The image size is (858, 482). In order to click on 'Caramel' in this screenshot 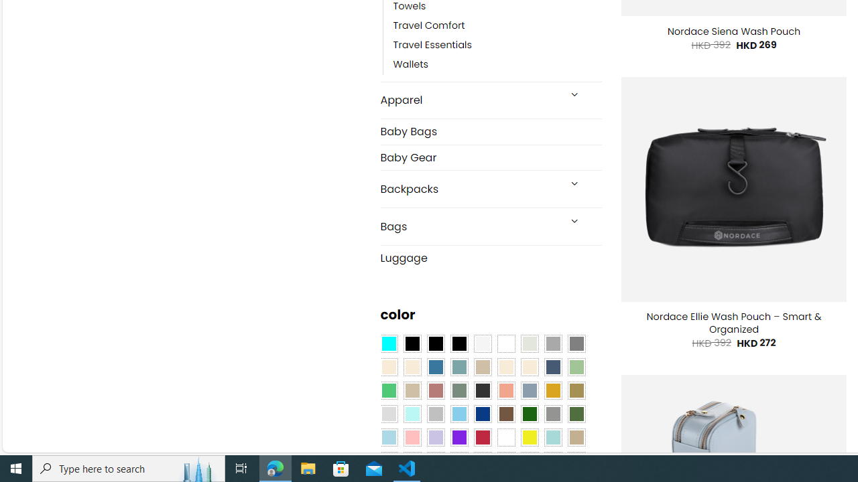, I will do `click(505, 368)`.